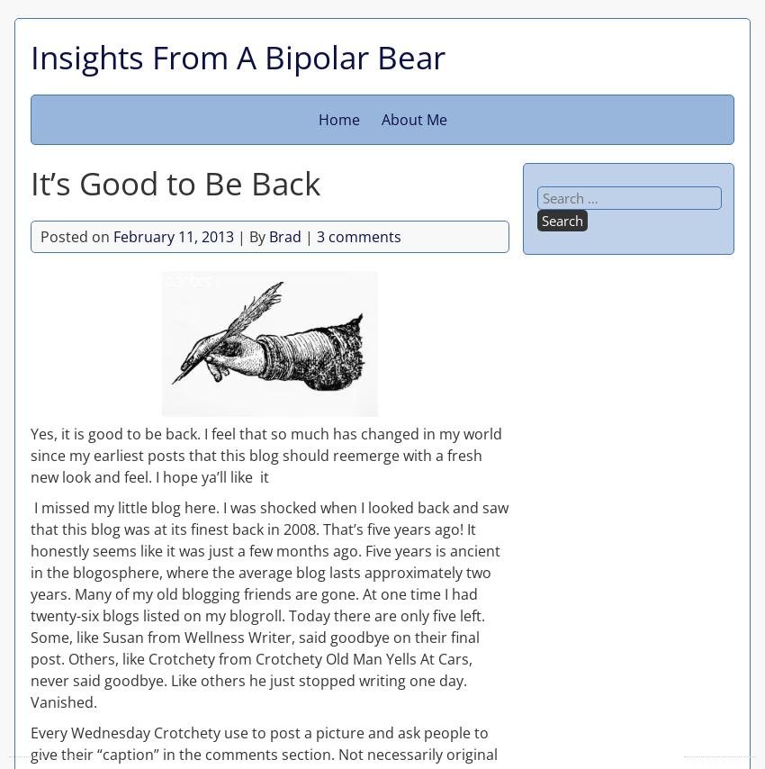 This screenshot has width=765, height=769. Describe the element at coordinates (237, 56) in the screenshot. I see `'Insights From A Bipolar Bear'` at that location.